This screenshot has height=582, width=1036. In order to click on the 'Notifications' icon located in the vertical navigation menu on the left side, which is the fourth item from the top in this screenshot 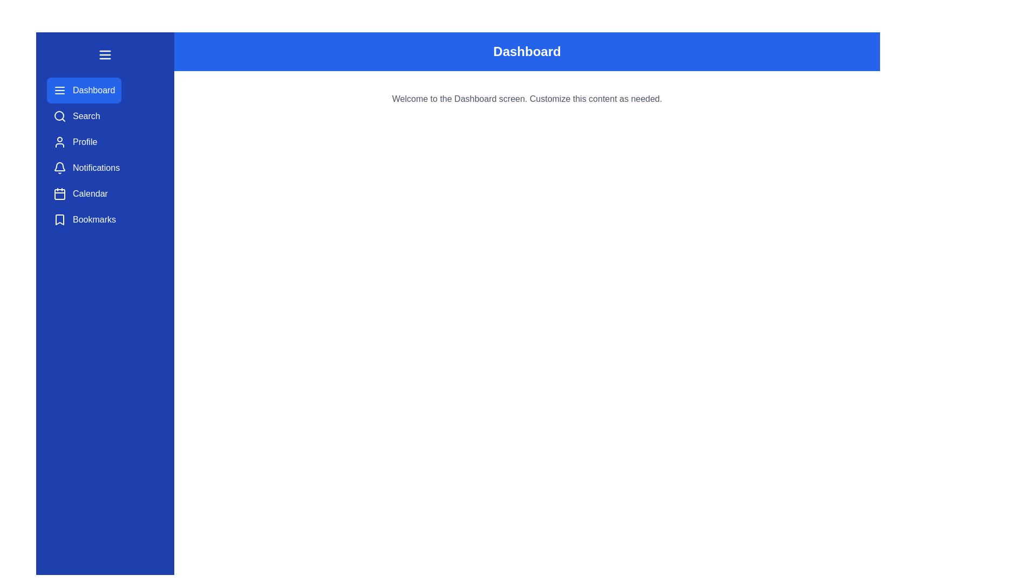, I will do `click(59, 167)`.